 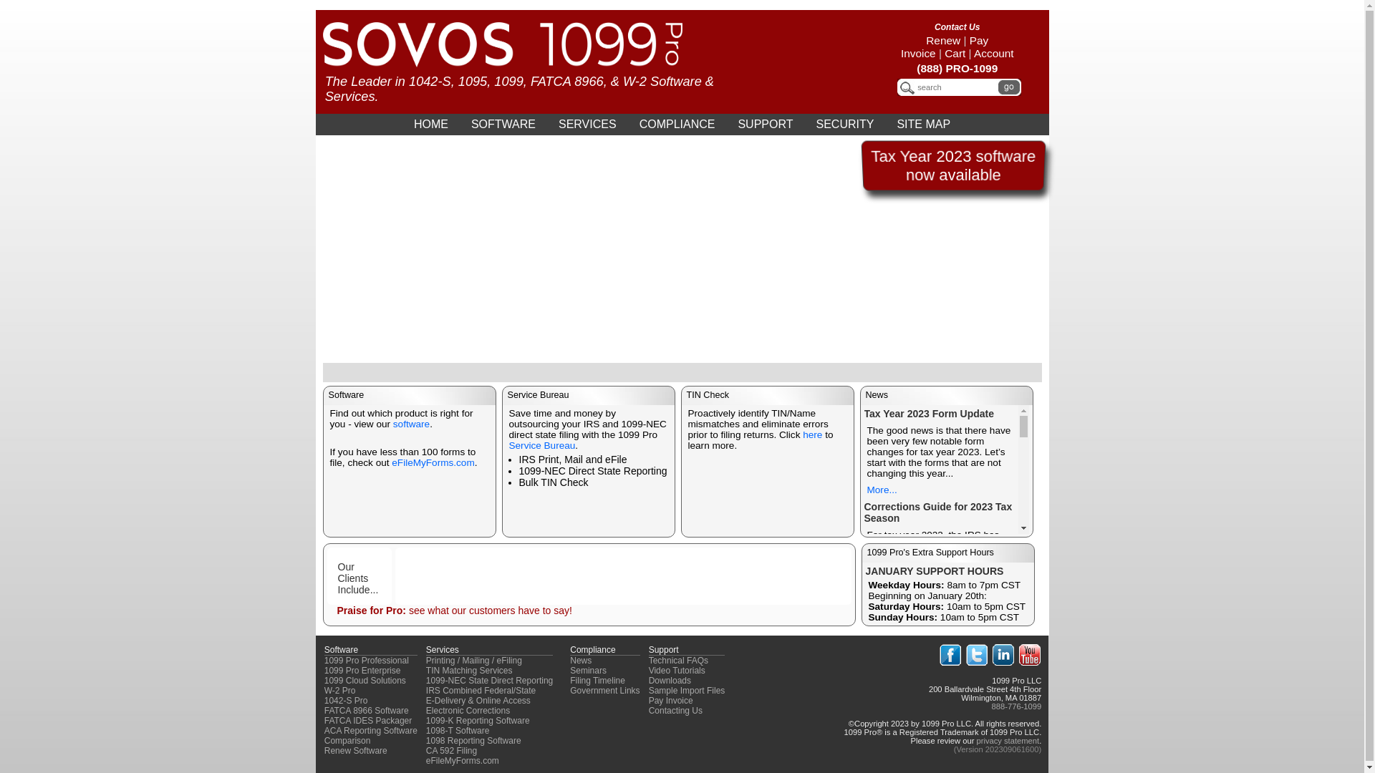 What do you see at coordinates (648, 649) in the screenshot?
I see `'Support'` at bounding box center [648, 649].